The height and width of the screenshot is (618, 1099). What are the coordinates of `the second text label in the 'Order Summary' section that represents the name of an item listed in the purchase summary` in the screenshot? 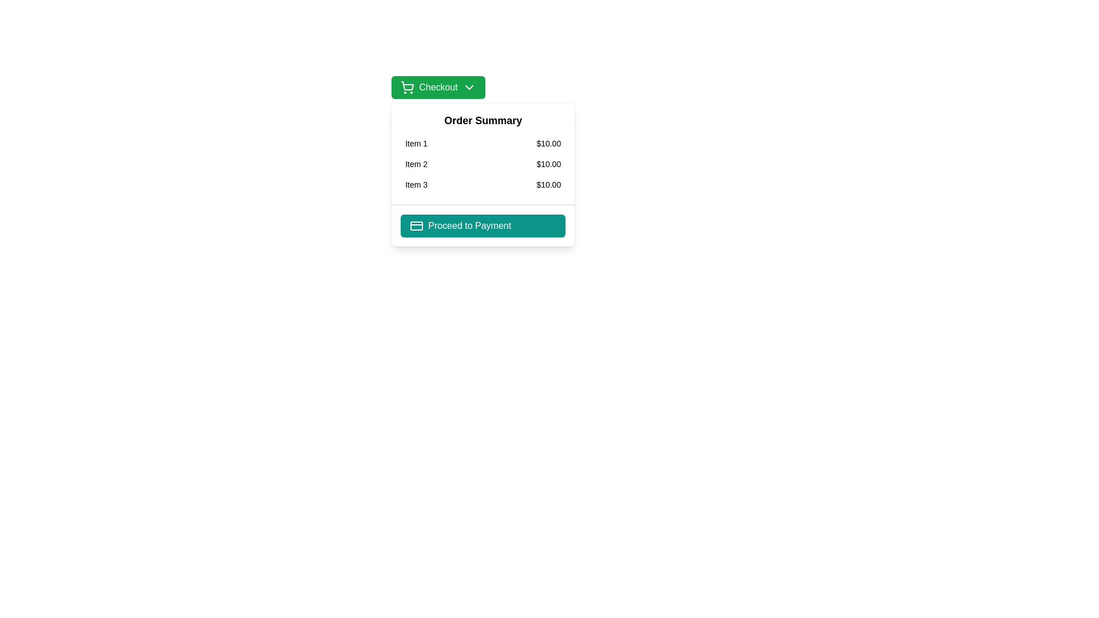 It's located at (416, 164).